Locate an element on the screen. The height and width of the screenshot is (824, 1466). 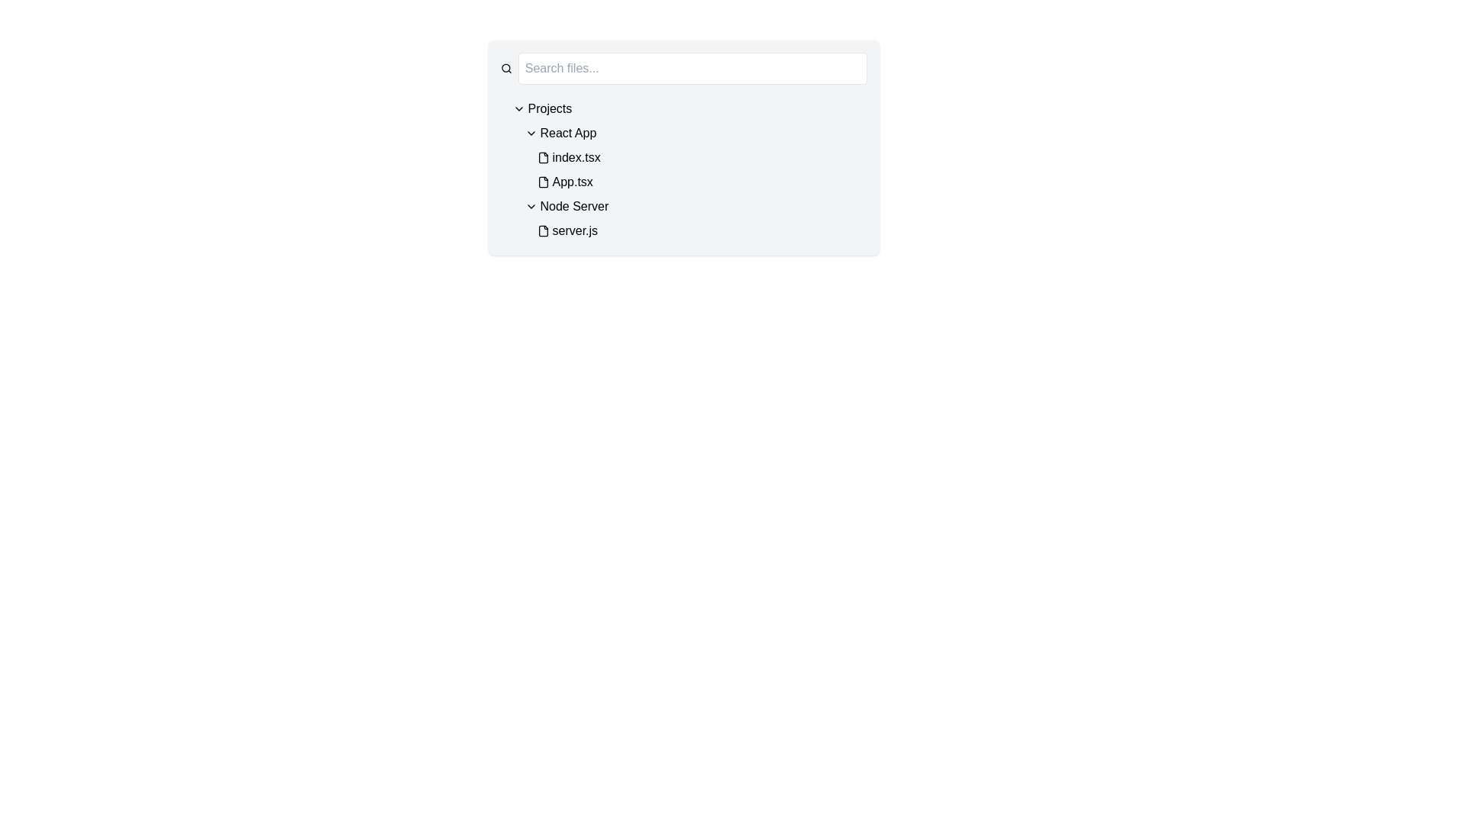
the file icon located to the left of the text label 'server.js' in the 'Node Server' directory to provide a visual representation of the file is located at coordinates (543, 231).